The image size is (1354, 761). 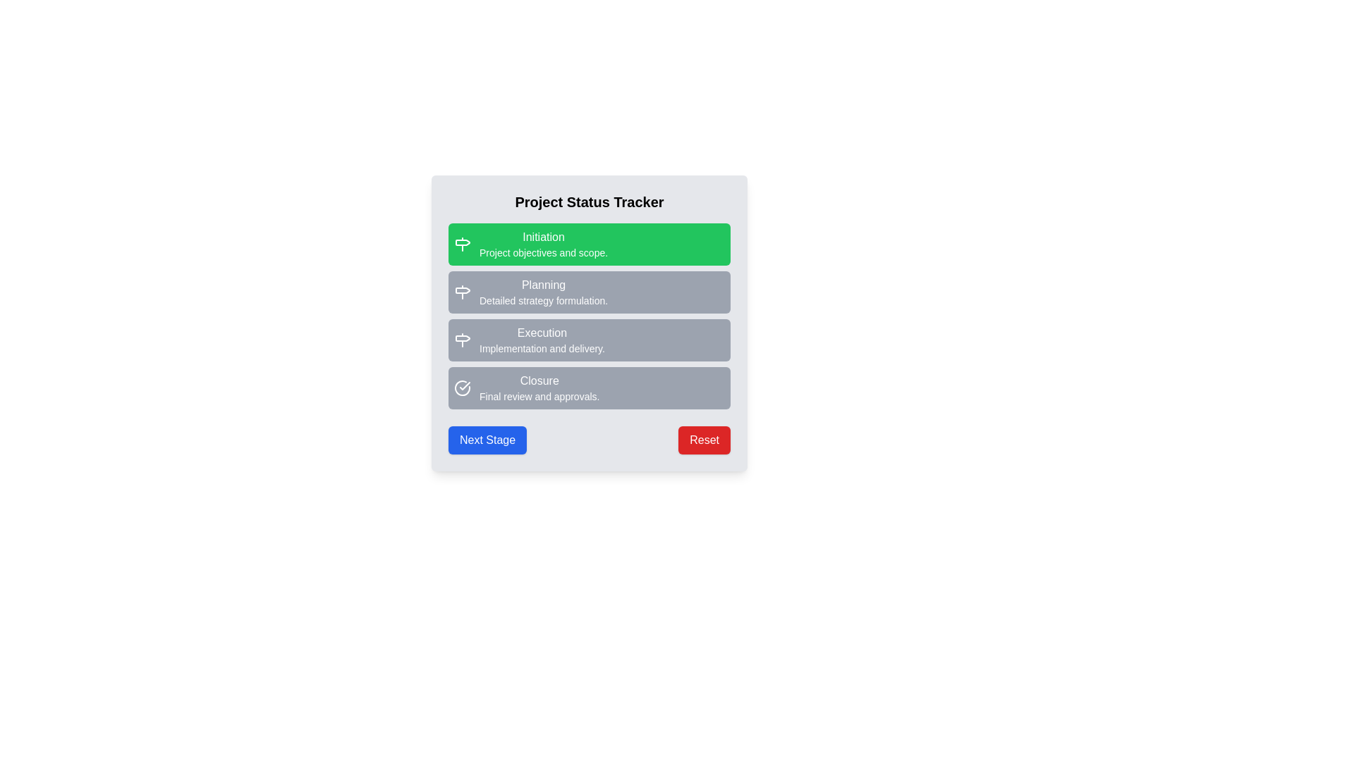 What do you see at coordinates (543, 252) in the screenshot?
I see `the informational text label located directly below the 'Initiation' text within the green rectangular segment of the Project Status Tracker interface` at bounding box center [543, 252].